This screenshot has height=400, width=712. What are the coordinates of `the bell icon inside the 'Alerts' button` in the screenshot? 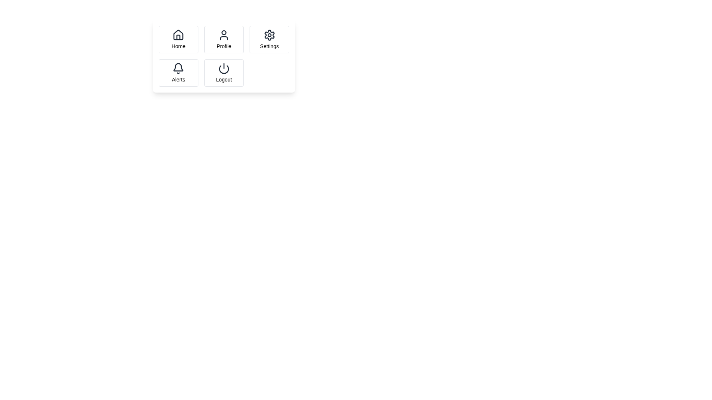 It's located at (178, 69).